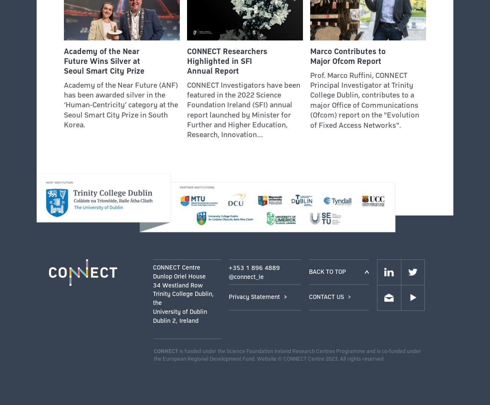 This screenshot has height=405, width=490. Describe the element at coordinates (103, 61) in the screenshot. I see `'Academy of the Near Future Wins Silver at Seoul Smart City Prize'` at that location.